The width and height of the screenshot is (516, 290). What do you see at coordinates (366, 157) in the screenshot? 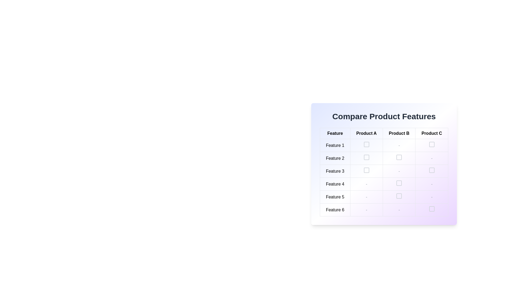
I see `the checkbox for 'Feature 2' under 'Product A'` at bounding box center [366, 157].